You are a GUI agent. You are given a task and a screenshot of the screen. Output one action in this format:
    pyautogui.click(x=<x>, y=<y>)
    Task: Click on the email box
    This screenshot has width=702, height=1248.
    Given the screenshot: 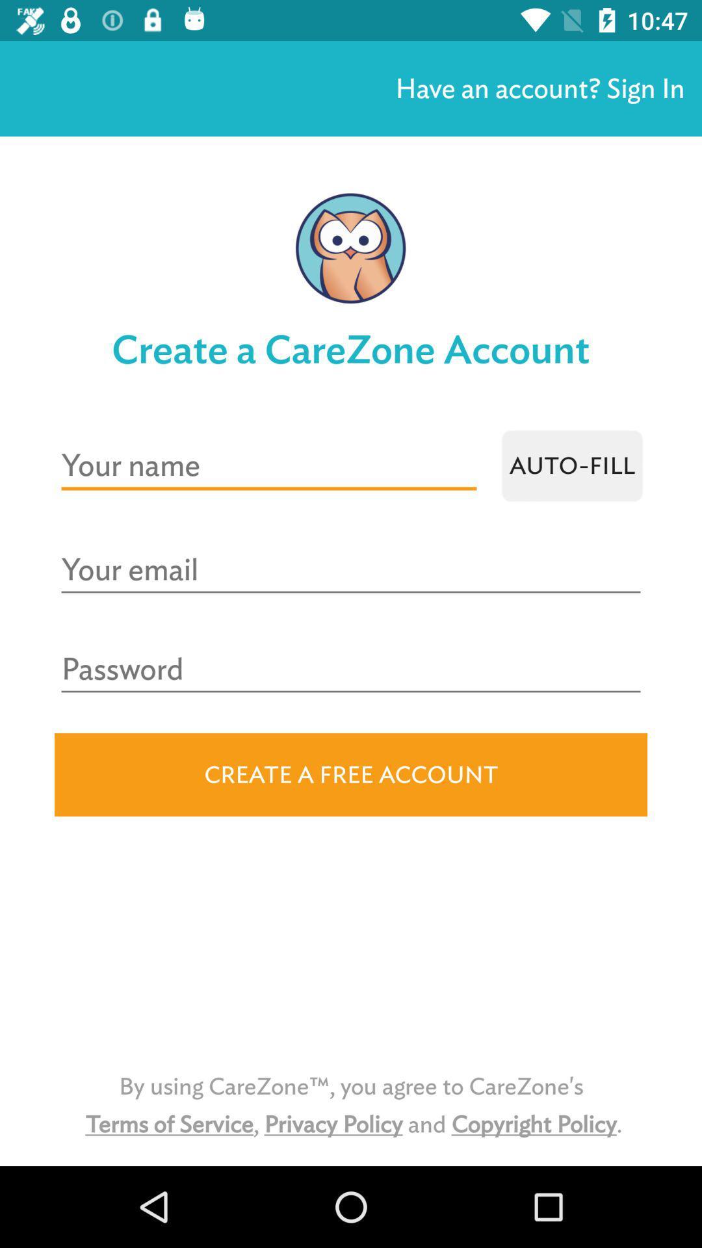 What is the action you would take?
    pyautogui.click(x=351, y=570)
    